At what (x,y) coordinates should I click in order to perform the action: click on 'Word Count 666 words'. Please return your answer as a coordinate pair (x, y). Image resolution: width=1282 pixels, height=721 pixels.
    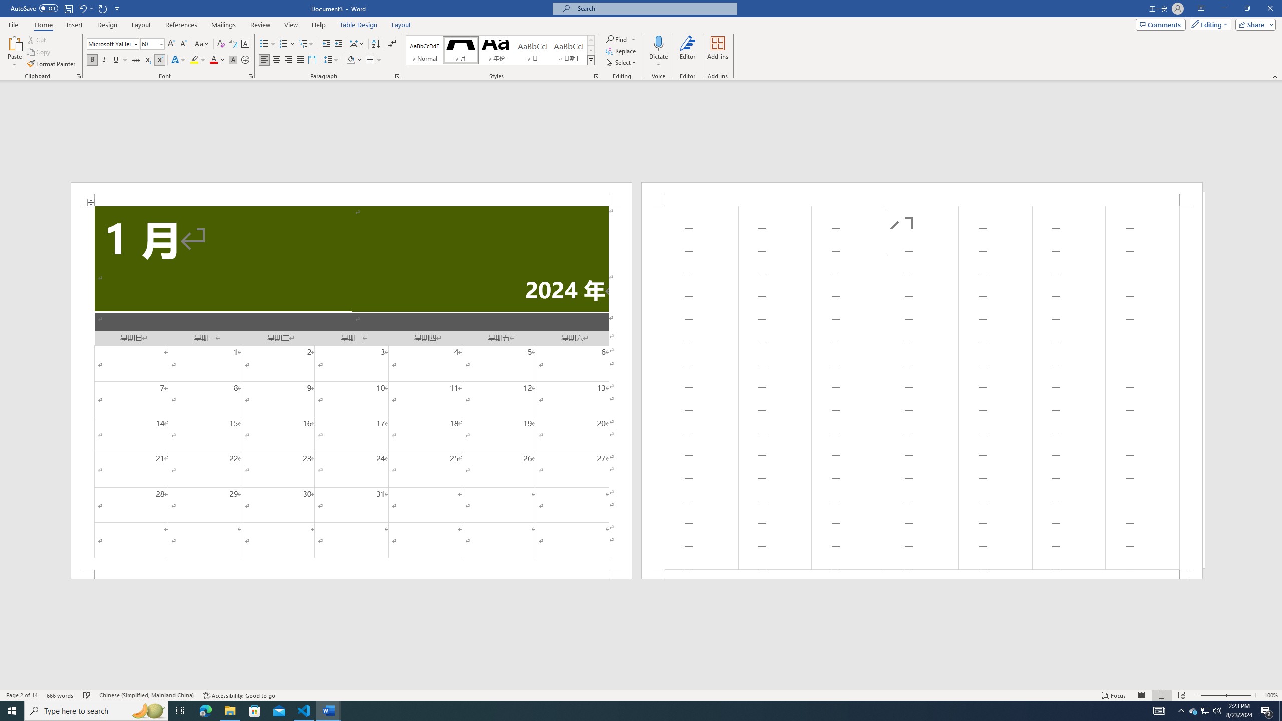
    Looking at the image, I should click on (61, 695).